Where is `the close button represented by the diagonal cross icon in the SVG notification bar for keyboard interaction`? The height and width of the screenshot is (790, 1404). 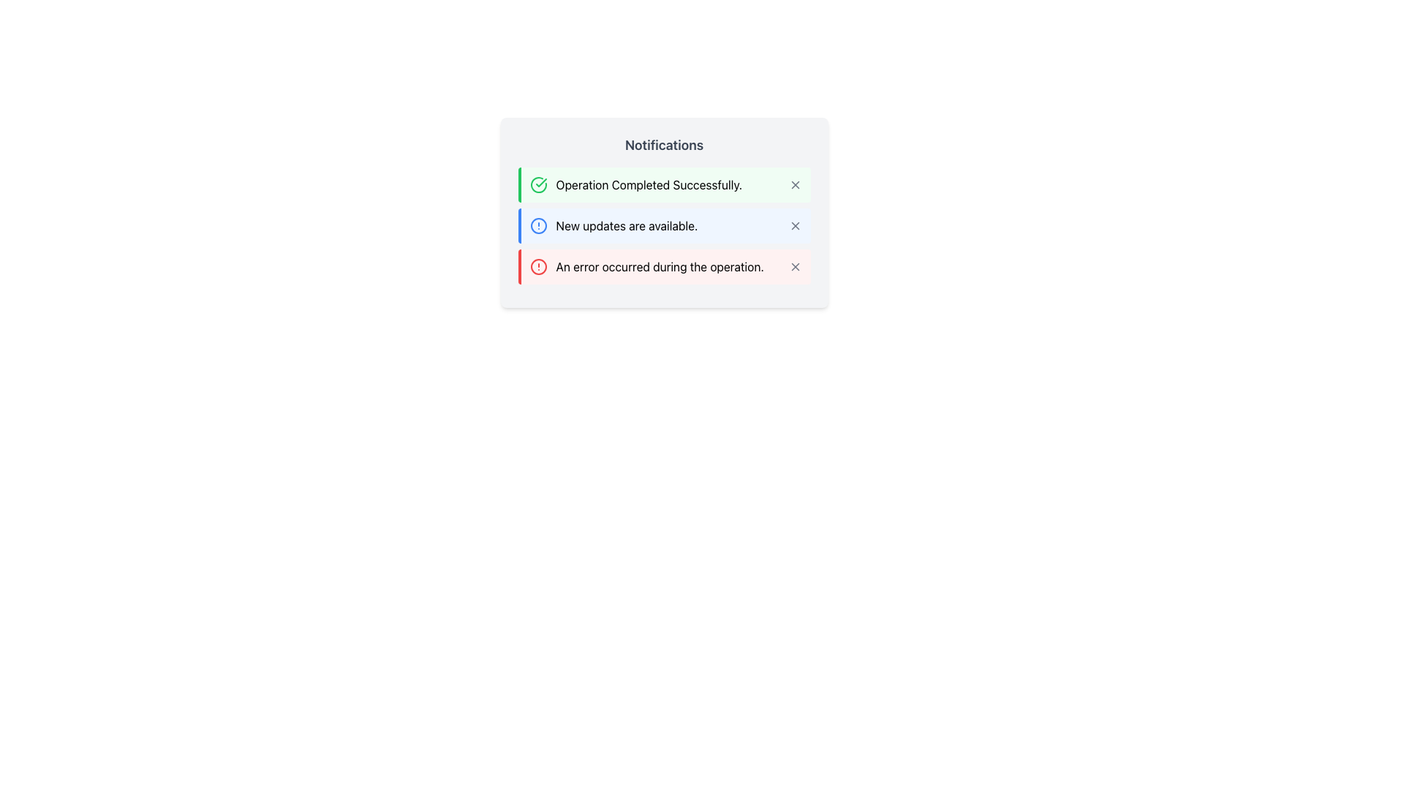
the close button represented by the diagonal cross icon in the SVG notification bar for keyboard interaction is located at coordinates (794, 225).